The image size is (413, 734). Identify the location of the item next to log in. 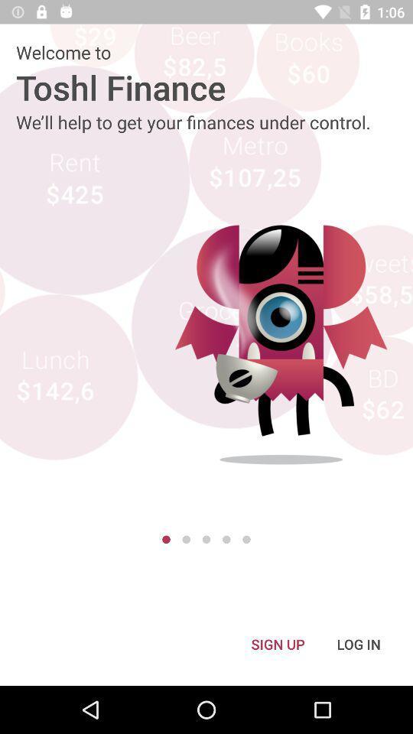
(277, 643).